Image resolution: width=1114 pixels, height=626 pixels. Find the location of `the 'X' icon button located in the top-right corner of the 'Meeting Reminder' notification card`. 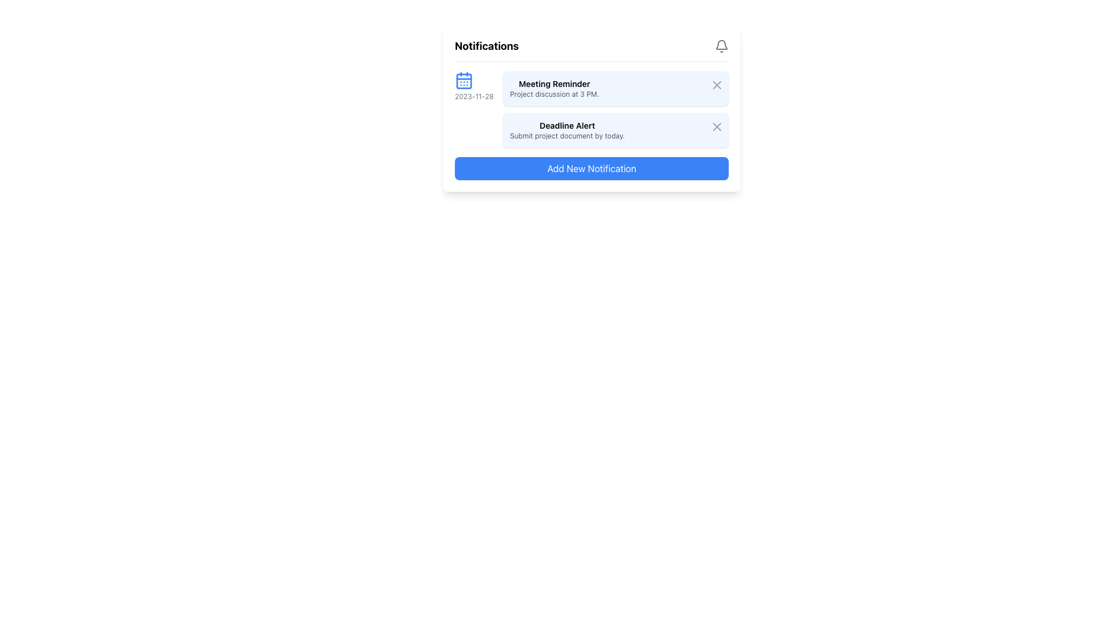

the 'X' icon button located in the top-right corner of the 'Meeting Reminder' notification card is located at coordinates (717, 84).